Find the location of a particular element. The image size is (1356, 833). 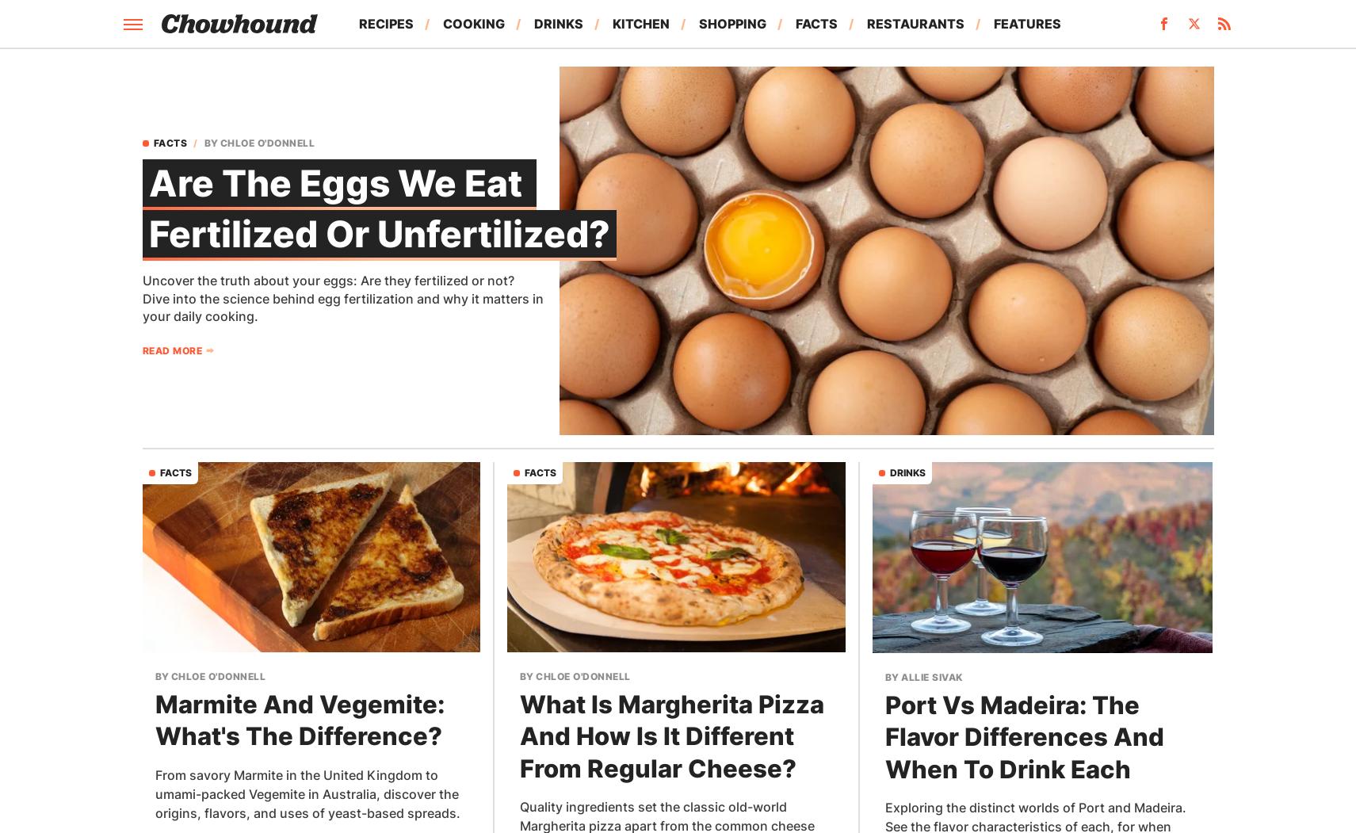

'Restaurants' is located at coordinates (865, 23).